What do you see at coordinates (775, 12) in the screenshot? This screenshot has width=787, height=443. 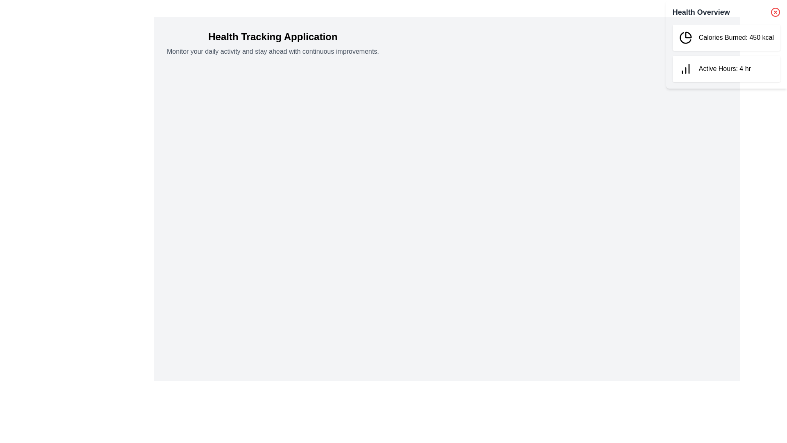 I see `the circular decorative element of the close button icon located in the top-right corner of the Health Overview panel` at bounding box center [775, 12].